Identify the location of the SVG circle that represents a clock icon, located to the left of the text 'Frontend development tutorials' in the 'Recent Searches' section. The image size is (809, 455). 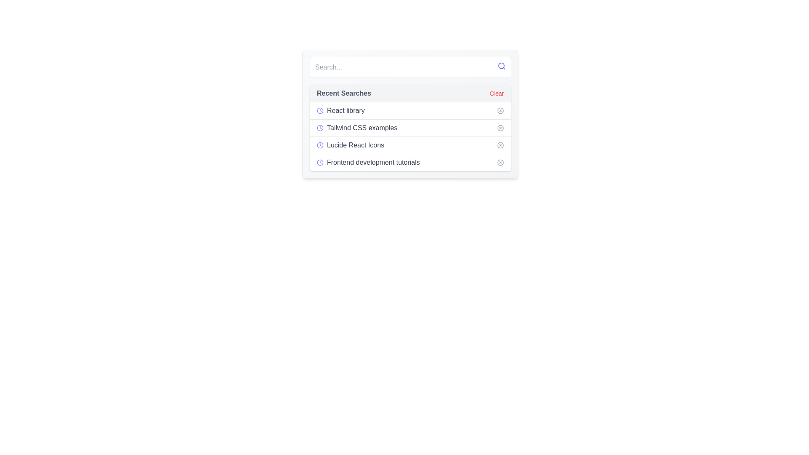
(319, 162).